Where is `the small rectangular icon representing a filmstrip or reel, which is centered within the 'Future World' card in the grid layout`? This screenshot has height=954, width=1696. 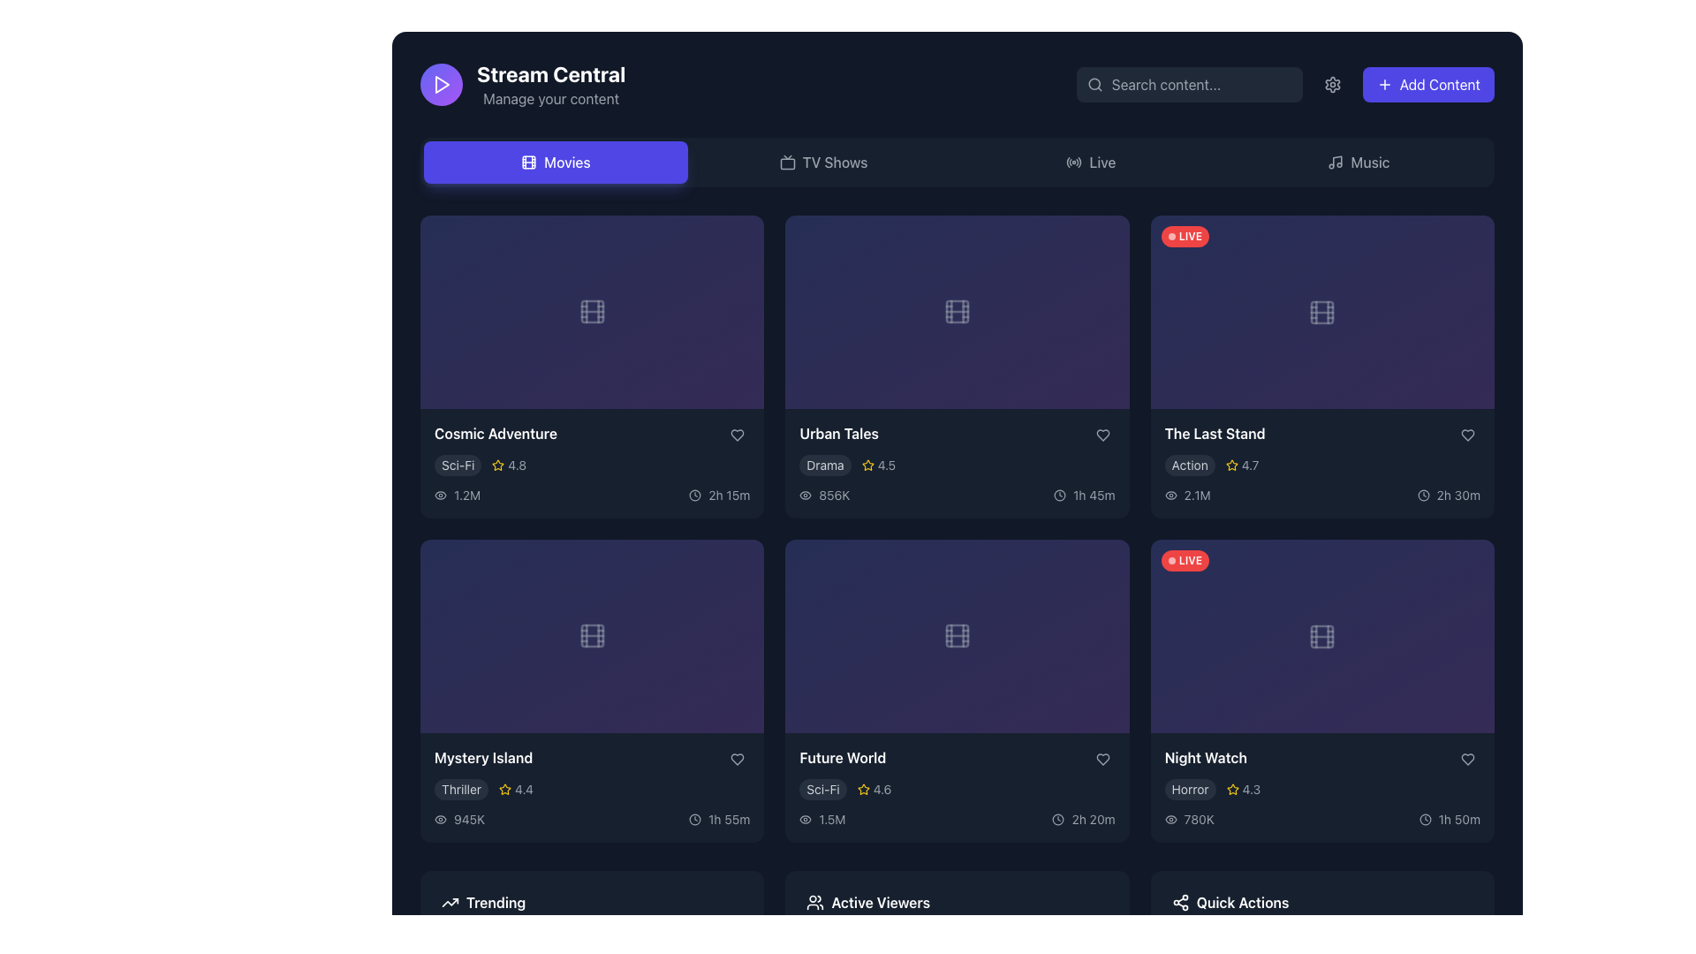
the small rectangular icon representing a filmstrip or reel, which is centered within the 'Future World' card in the grid layout is located at coordinates (957, 636).